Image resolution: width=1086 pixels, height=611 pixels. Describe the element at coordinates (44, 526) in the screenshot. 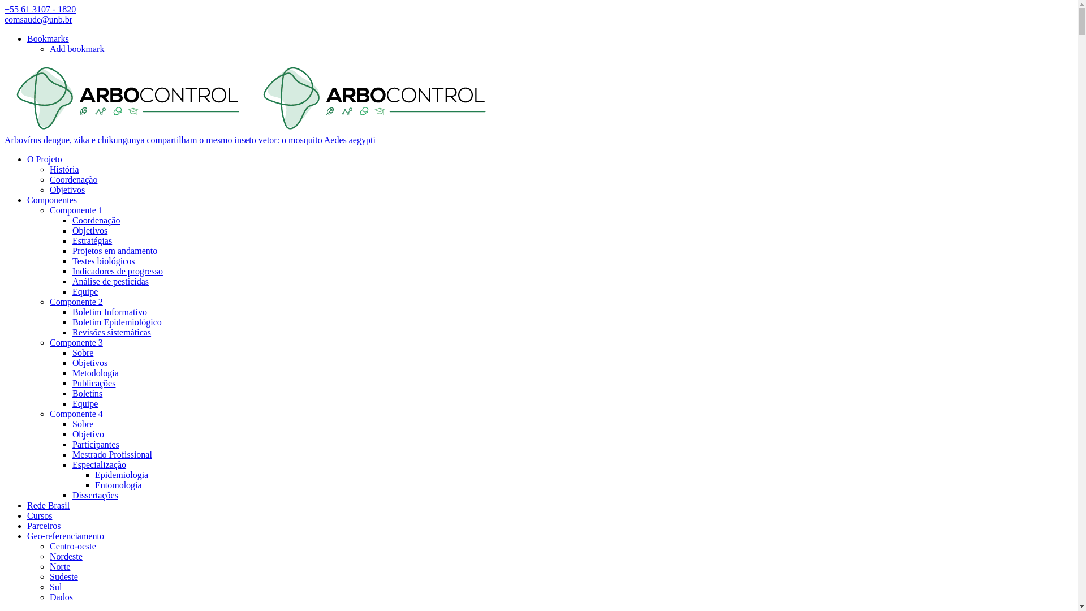

I see `'Parceiros'` at that location.